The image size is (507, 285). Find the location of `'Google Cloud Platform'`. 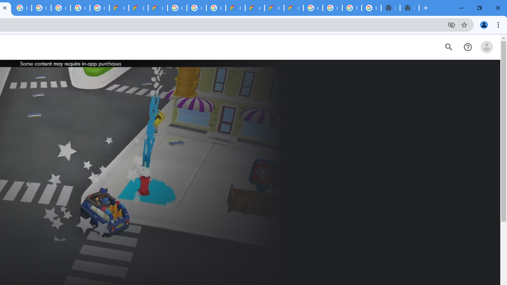

'Google Cloud Platform' is located at coordinates (177, 8).